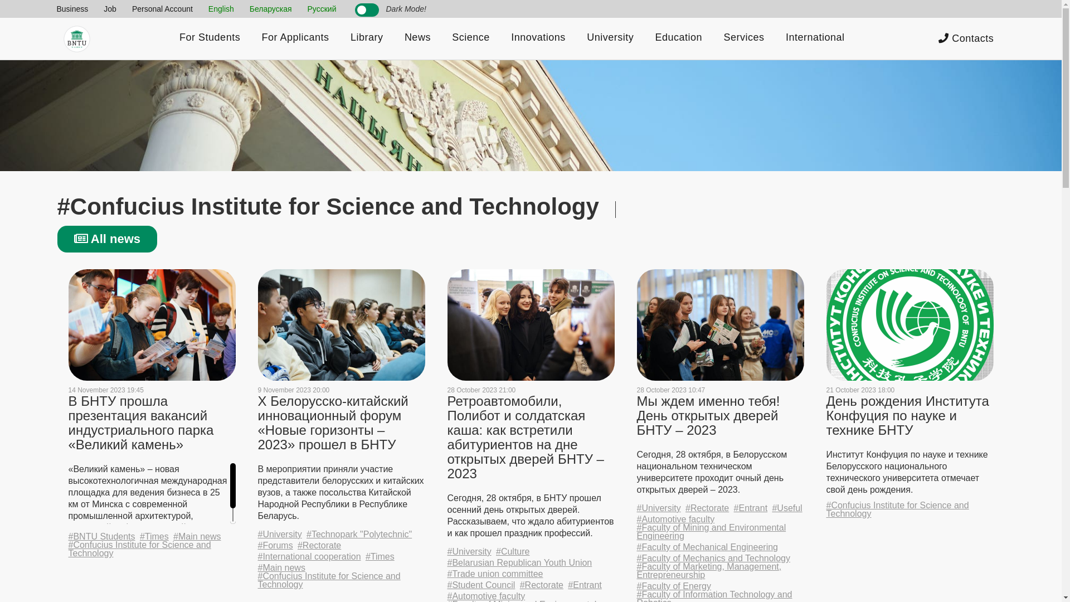  I want to click on '#Confucius Institute for Science and Technology', so click(340, 580).